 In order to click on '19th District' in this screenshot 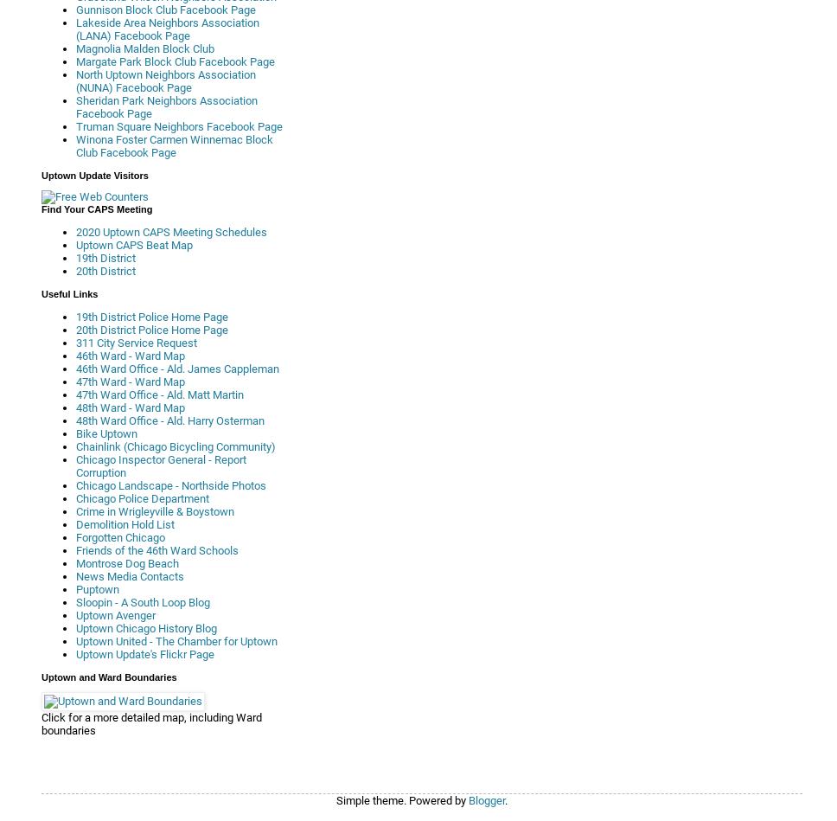, I will do `click(105, 257)`.